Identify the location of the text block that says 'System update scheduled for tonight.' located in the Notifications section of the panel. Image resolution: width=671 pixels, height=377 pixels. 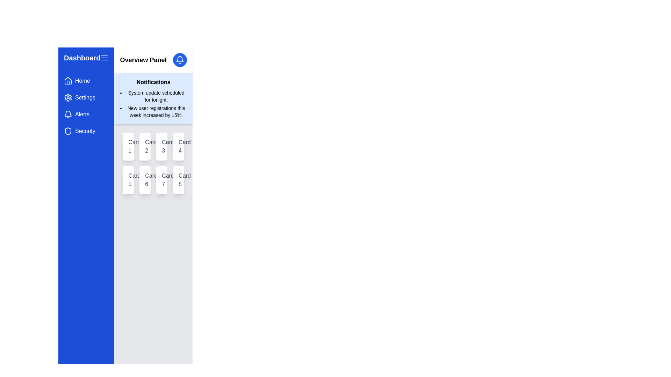
(156, 96).